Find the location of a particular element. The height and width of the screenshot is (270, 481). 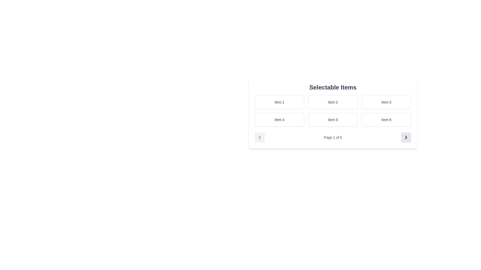

the selectable item in the second column of the first row in the 'Selectable Items' grid is located at coordinates (333, 102).